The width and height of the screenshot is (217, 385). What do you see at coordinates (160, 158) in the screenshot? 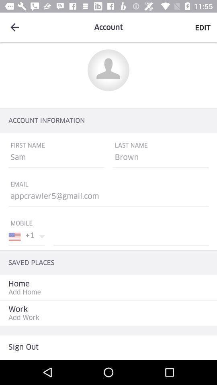
I see `the option below last name` at bounding box center [160, 158].